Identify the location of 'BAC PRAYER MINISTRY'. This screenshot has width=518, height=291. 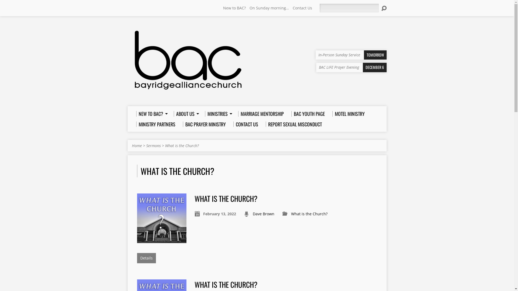
(183, 124).